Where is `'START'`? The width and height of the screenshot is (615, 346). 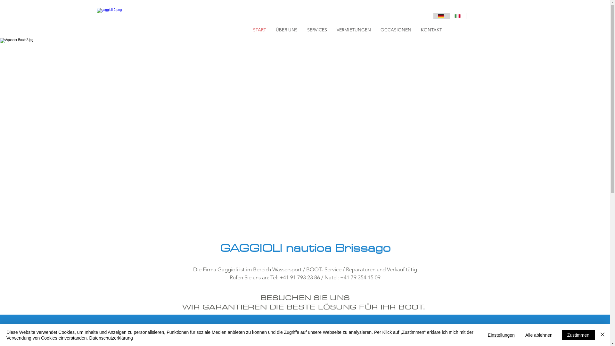 'START' is located at coordinates (247, 29).